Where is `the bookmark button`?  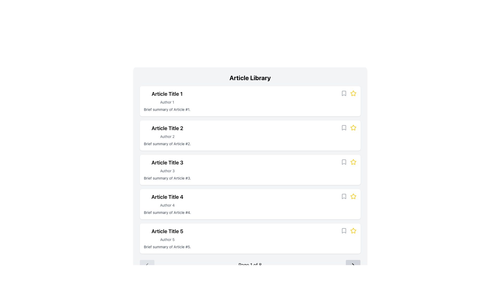 the bookmark button is located at coordinates (344, 162).